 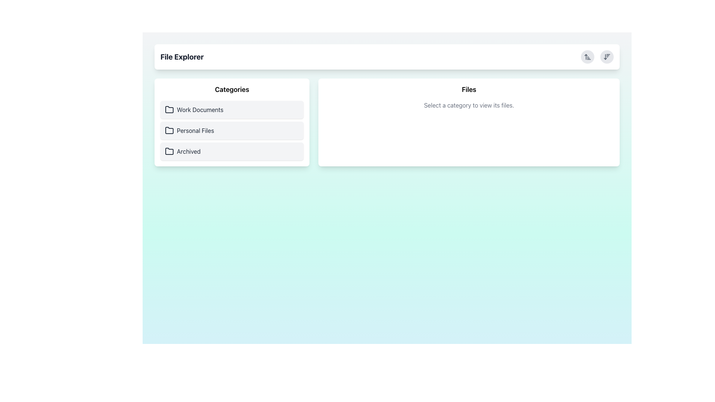 I want to click on the static text displaying 'Select a category, so click(x=468, y=105).